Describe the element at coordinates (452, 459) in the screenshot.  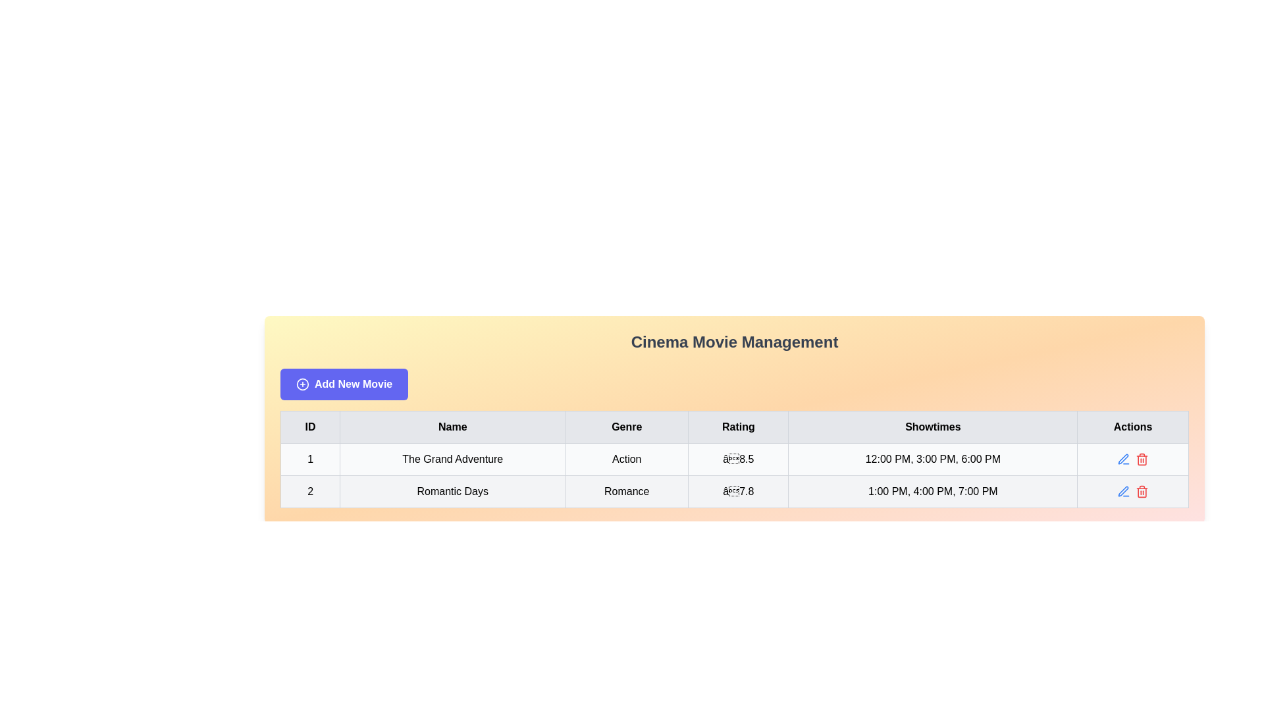
I see `the text display element that shows 'The Grand Adventure' in a sans-serif font, which is the second cell in the first row of the table under the 'Name' column` at that location.